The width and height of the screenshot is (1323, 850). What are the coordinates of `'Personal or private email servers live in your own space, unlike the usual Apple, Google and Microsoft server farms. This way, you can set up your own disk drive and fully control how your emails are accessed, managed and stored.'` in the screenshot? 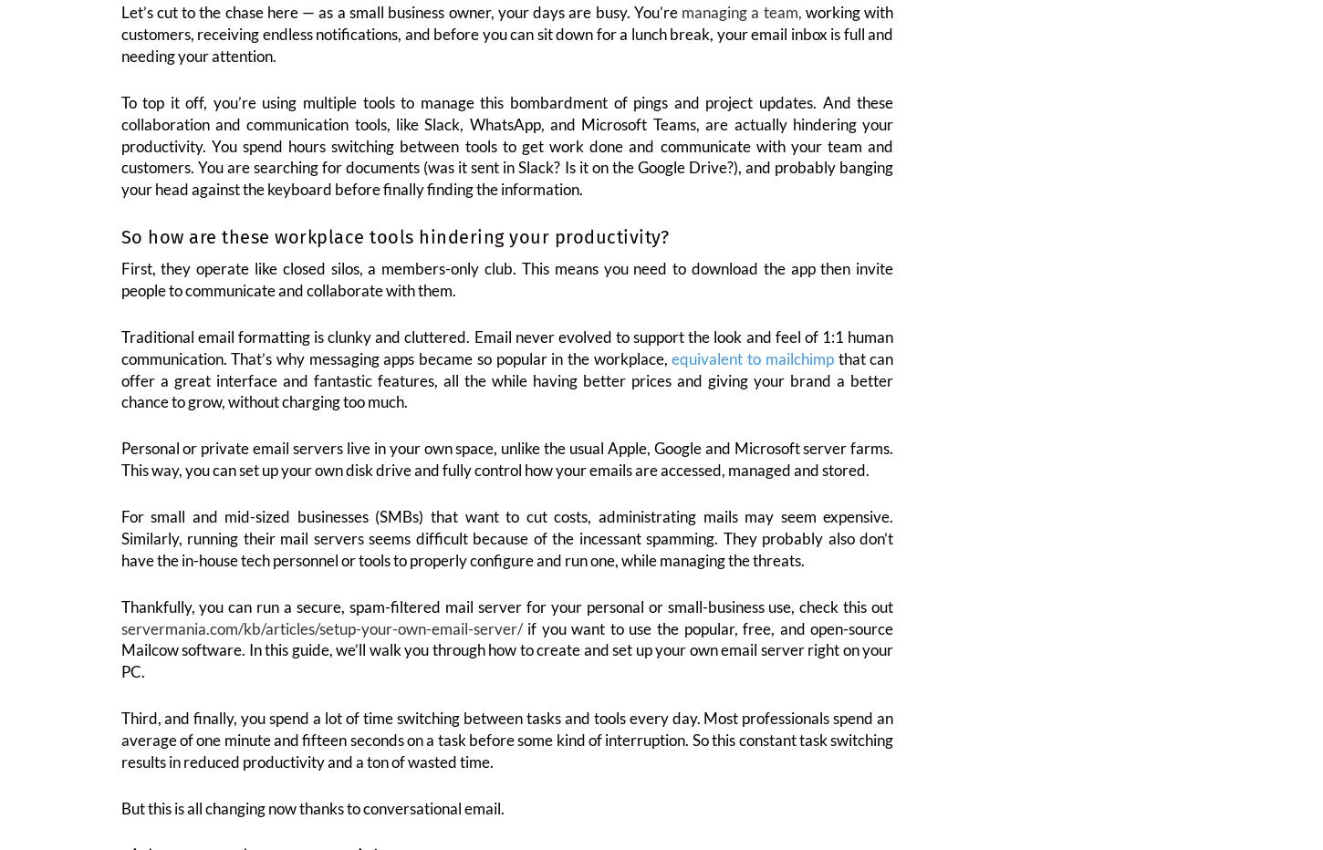 It's located at (506, 470).